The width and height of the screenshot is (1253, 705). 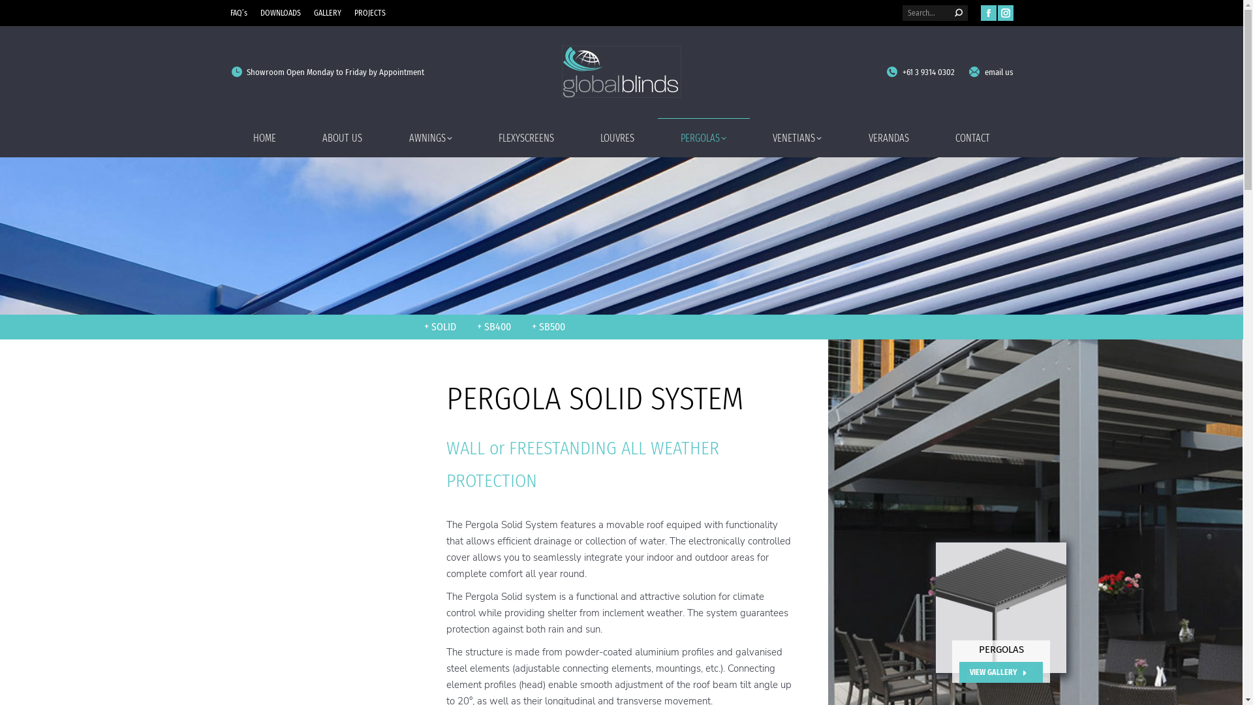 What do you see at coordinates (342, 137) in the screenshot?
I see `'ABOUT US'` at bounding box center [342, 137].